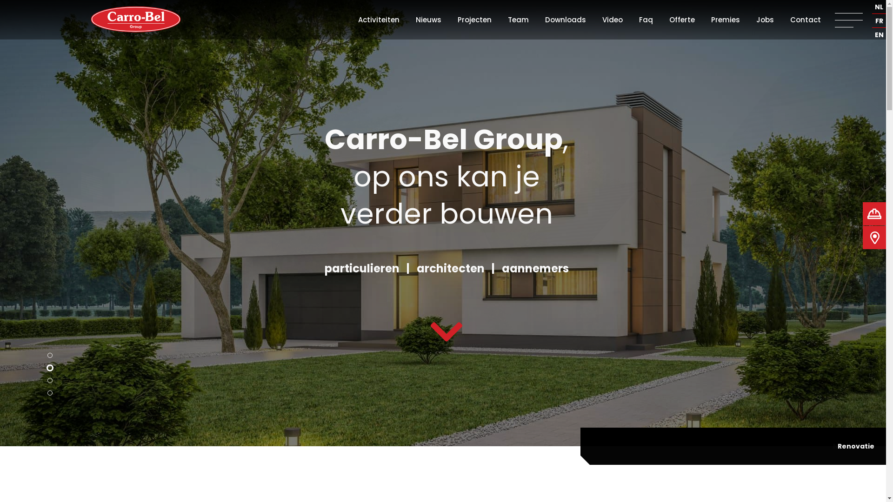  I want to click on 'Nieuws', so click(428, 20).